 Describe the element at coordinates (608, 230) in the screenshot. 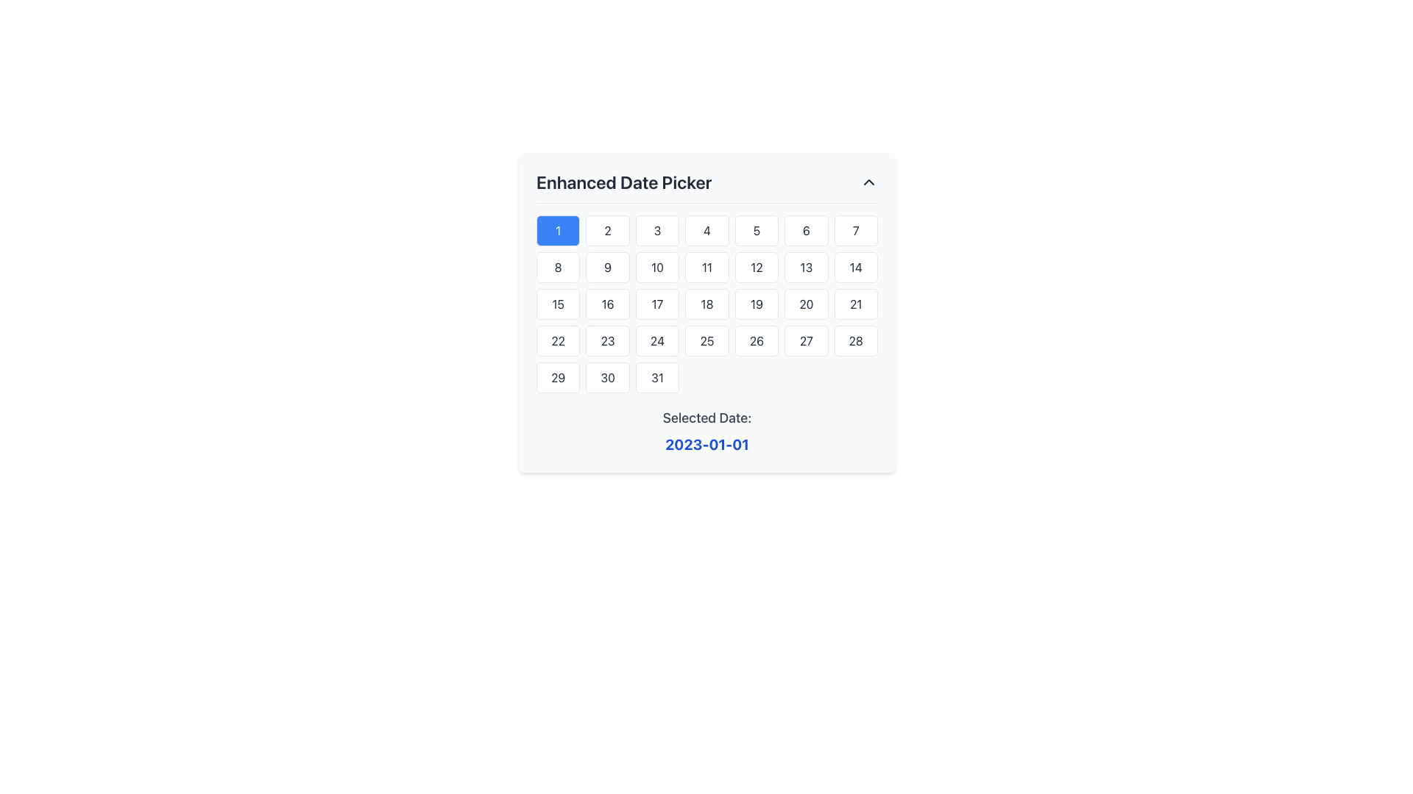

I see `the calendar date picker button which is positioned to the right of the button displaying '1' and to the left of the button displaying '3'` at that location.